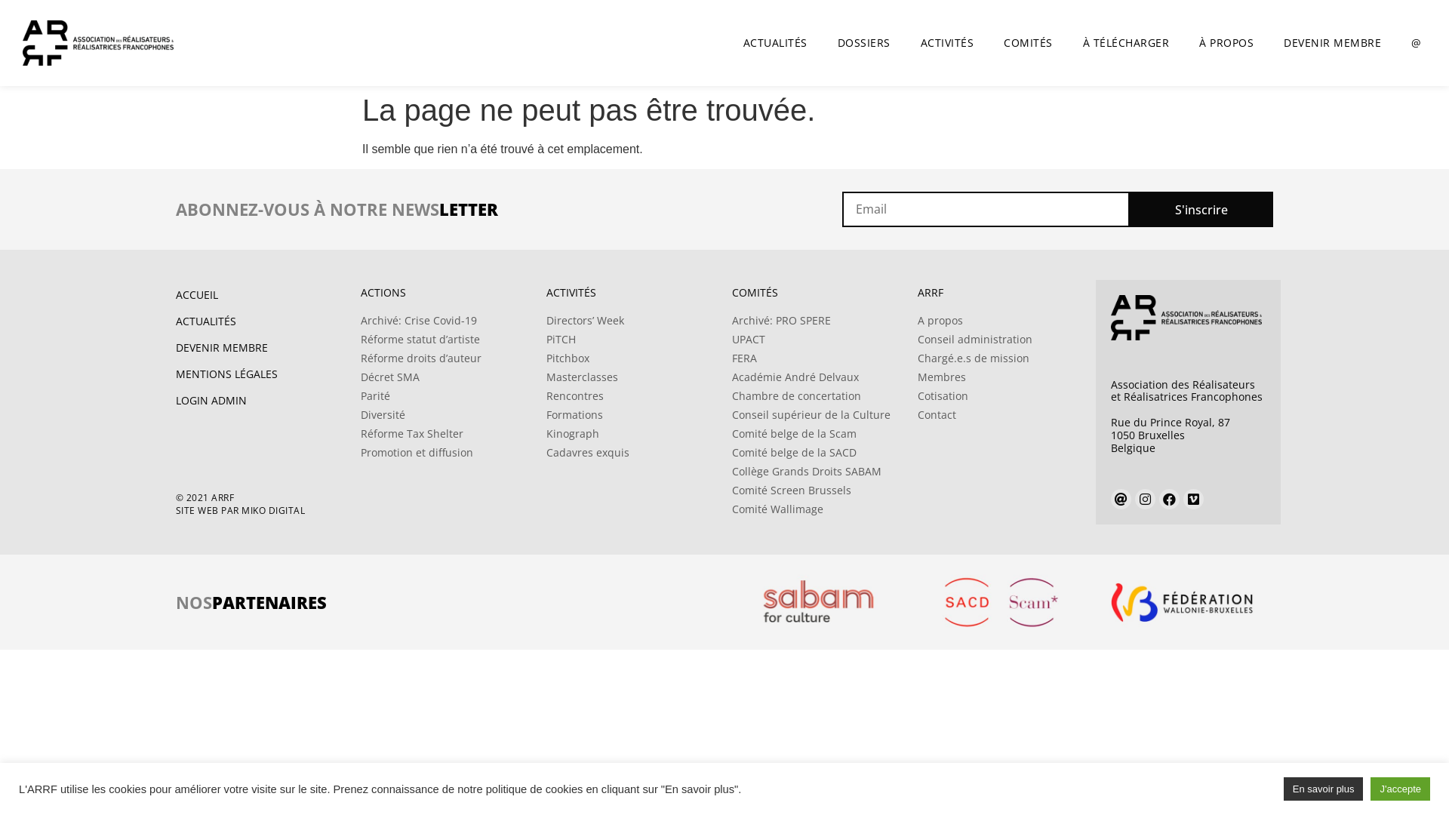  I want to click on '@', so click(1411, 42).